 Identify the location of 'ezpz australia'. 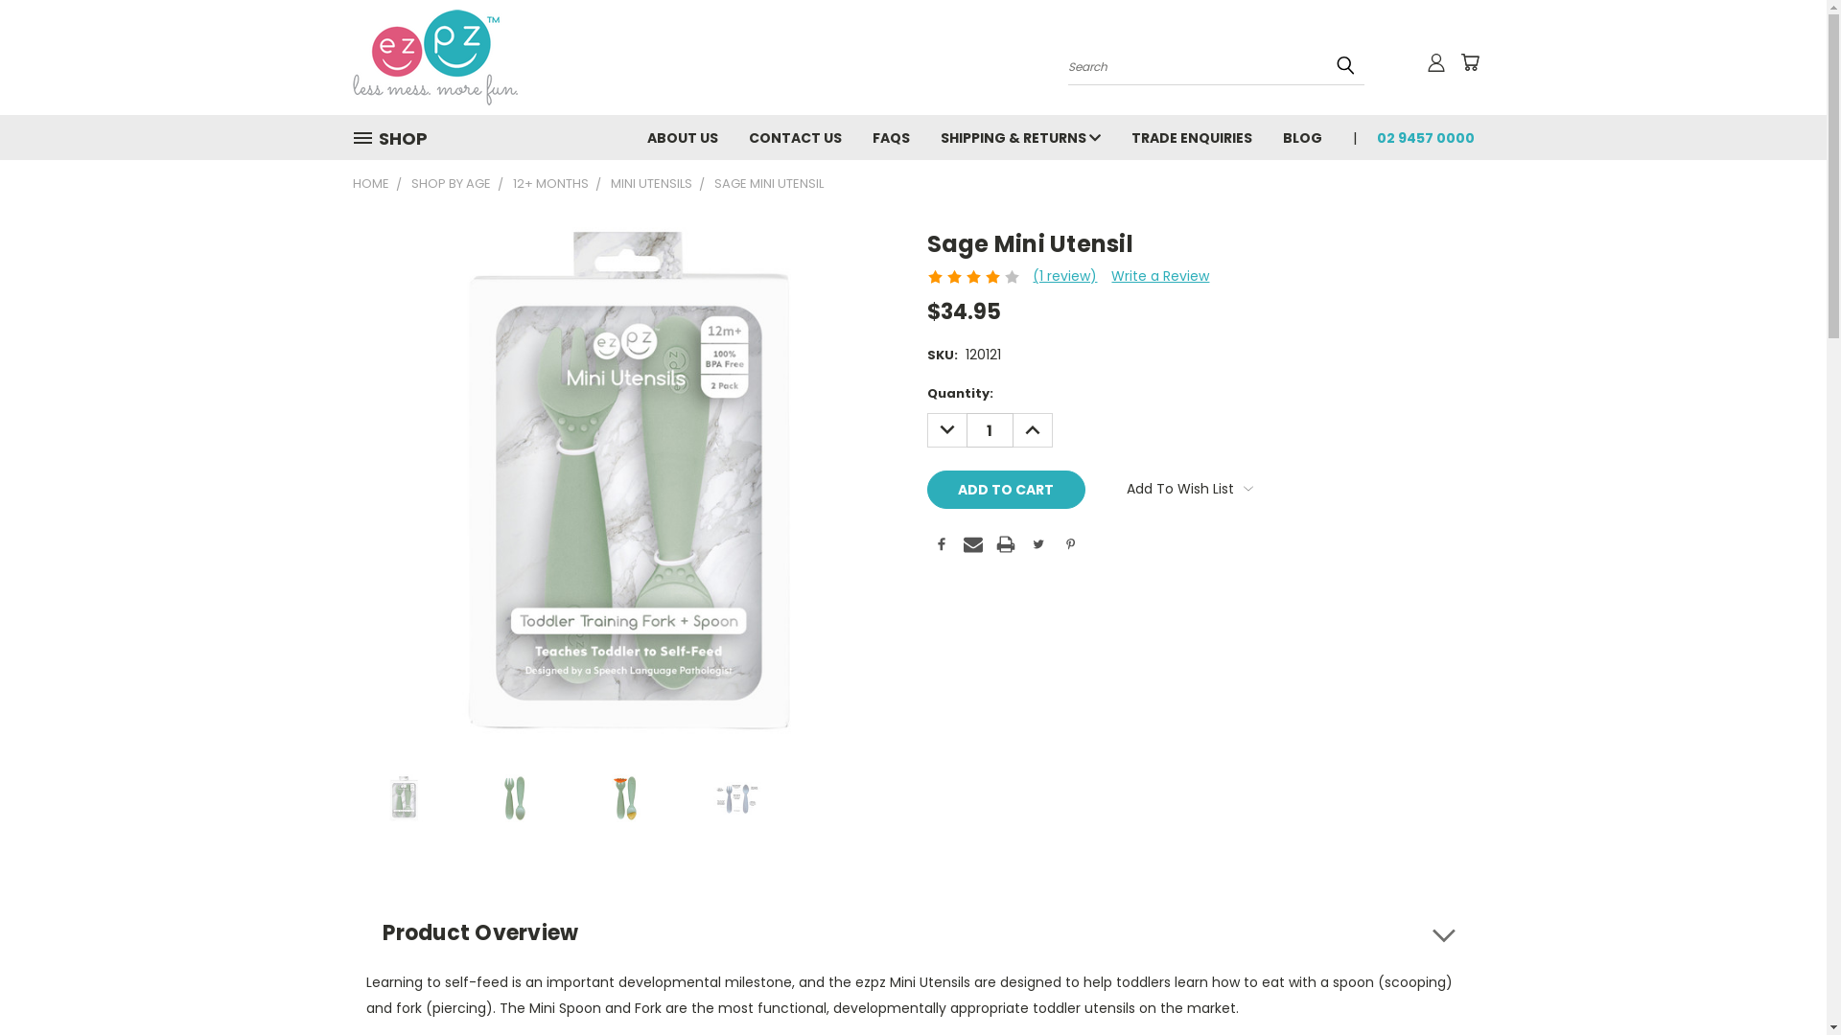
(434, 57).